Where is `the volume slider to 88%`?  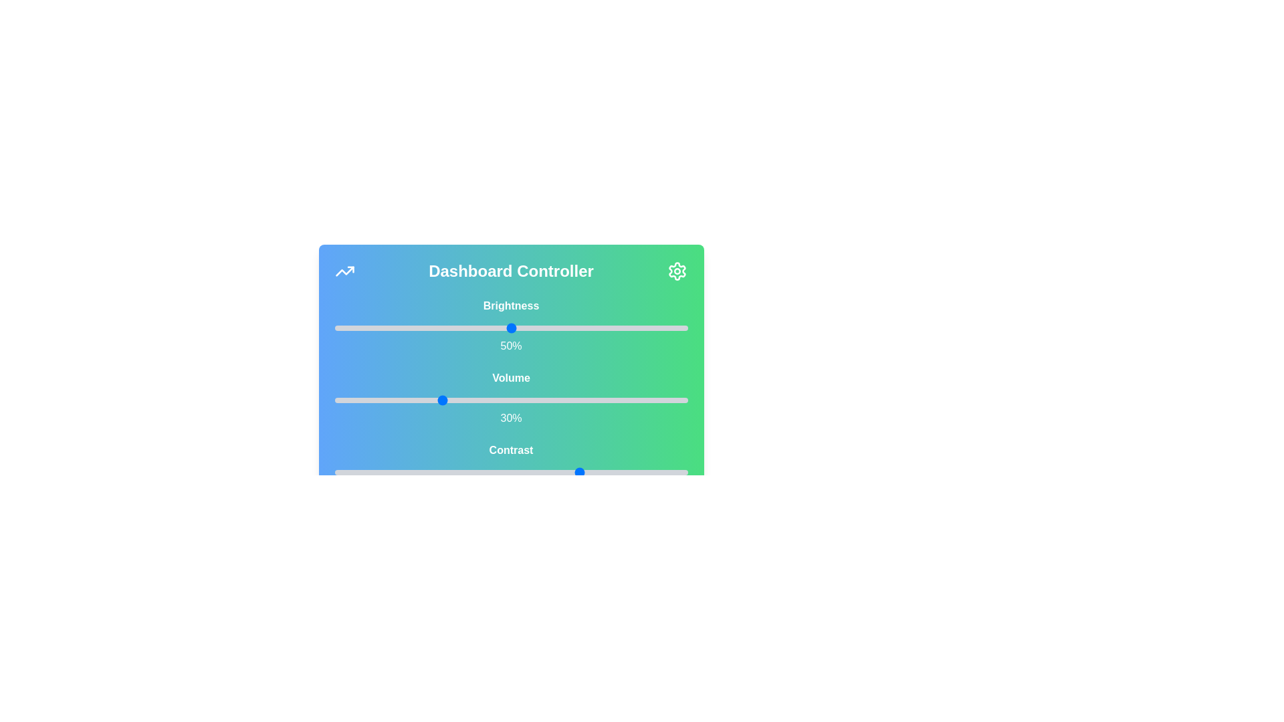
the volume slider to 88% is located at coordinates (645, 399).